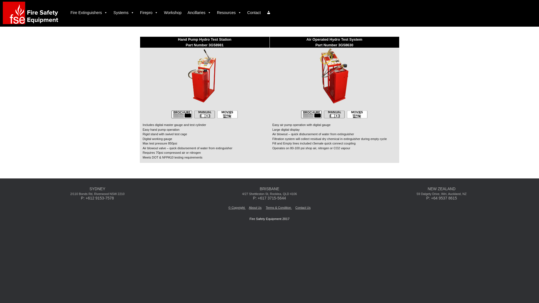 This screenshot has width=539, height=303. What do you see at coordinates (303, 208) in the screenshot?
I see `'Contact Us'` at bounding box center [303, 208].